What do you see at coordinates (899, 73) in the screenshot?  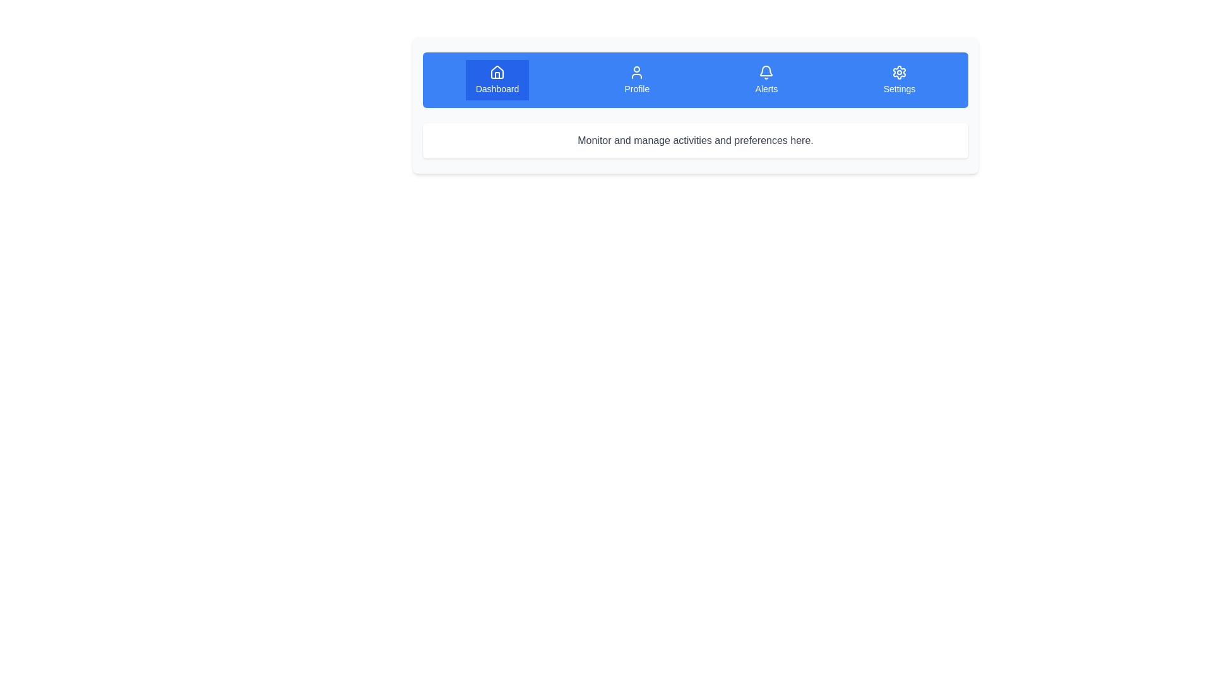 I see `the 'Settings' navigation button icon located at the far-right end of the top navigation bar` at bounding box center [899, 73].